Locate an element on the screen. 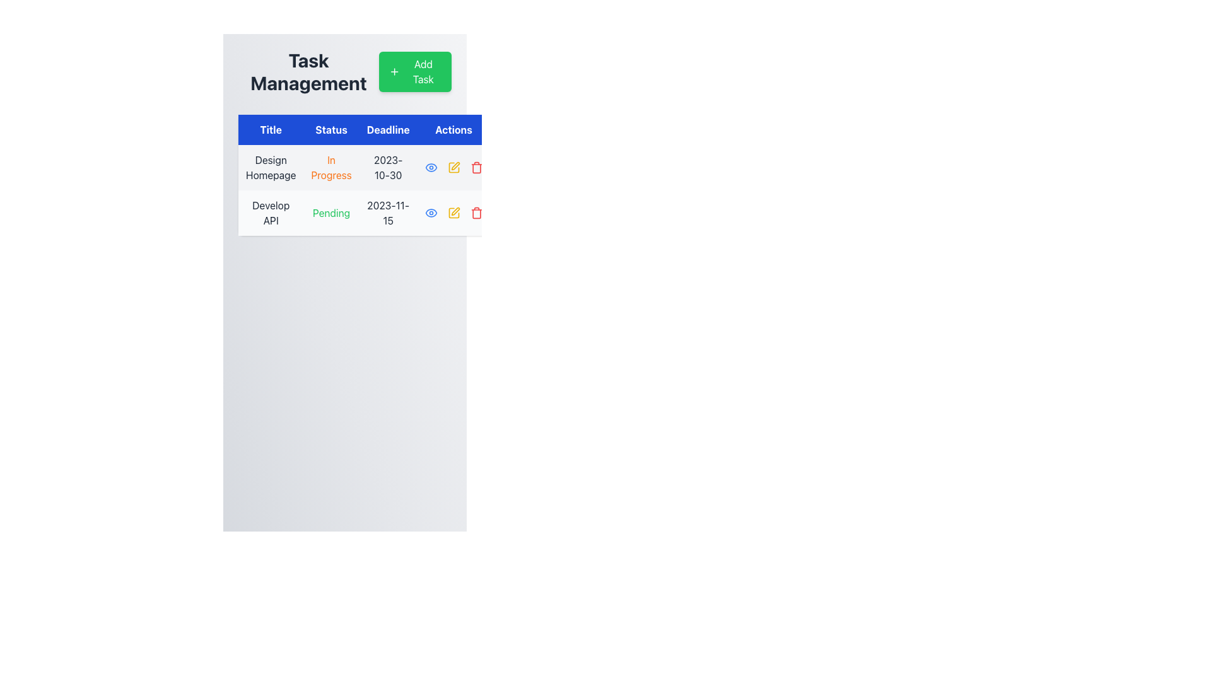 This screenshot has height=681, width=1211. the 'Title' column header cell of the table, which is the first item in a row of four elements and is located at the top-left corner of the table is located at coordinates (270, 129).